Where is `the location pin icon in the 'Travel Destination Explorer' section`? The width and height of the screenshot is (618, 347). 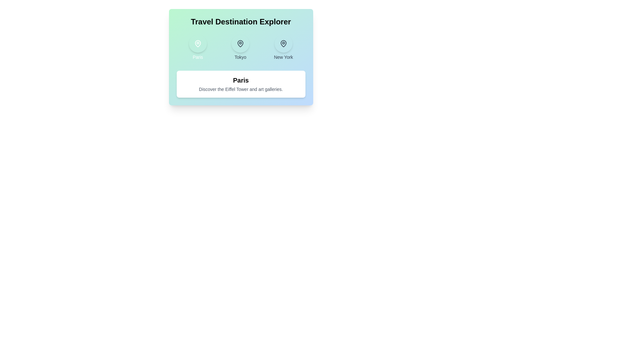 the location pin icon in the 'Travel Destination Explorer' section is located at coordinates (283, 43).